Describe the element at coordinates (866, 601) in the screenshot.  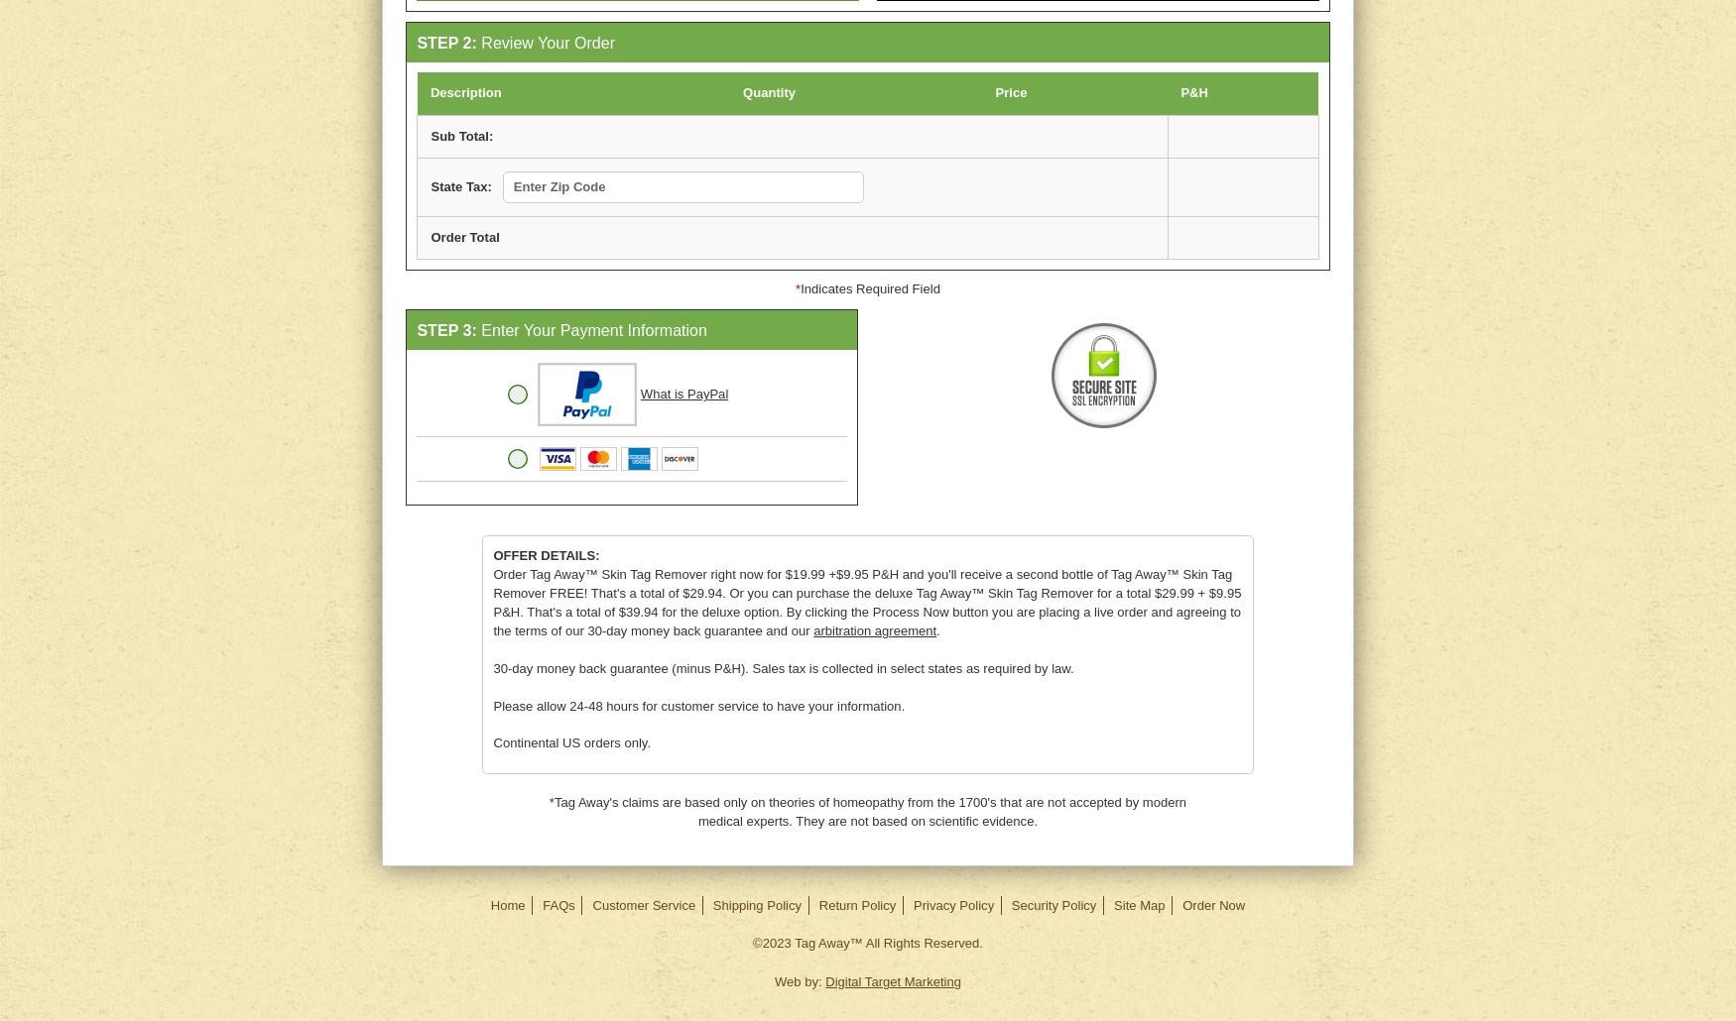
I see `'Order Tag Away™ Skin Tag Remover right now for $19.99 +$9.95 P&H and you'll receive a second bottle of Tag Away™ Skin Tag Remover FREE! That's a total of $29.94. Or you can purchase the deluxe Tag Away™ Skin Tag Remover for a total $29.99 + $9.95 P&H. That's a total of $39.94 for the deluxe option. By clicking the Process Now button you are placing a live order and agreeing to the terms of our 30-day money back guarantee and our'` at that location.